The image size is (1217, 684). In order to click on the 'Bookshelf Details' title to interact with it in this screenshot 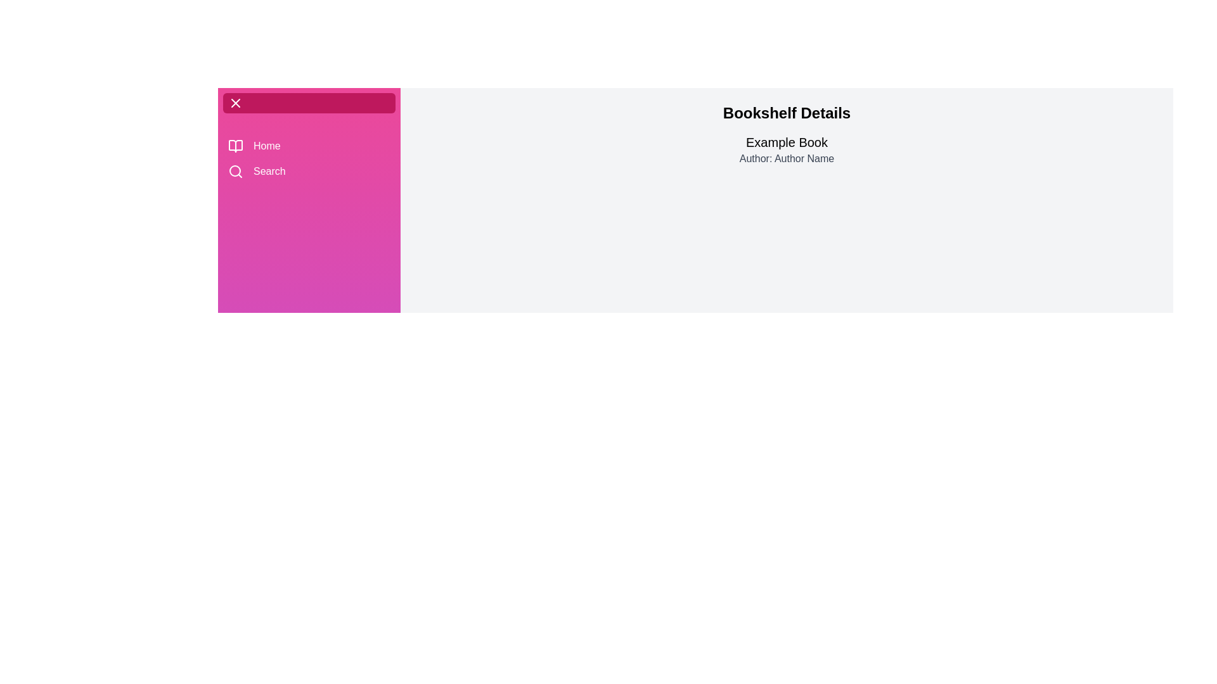, I will do `click(786, 112)`.